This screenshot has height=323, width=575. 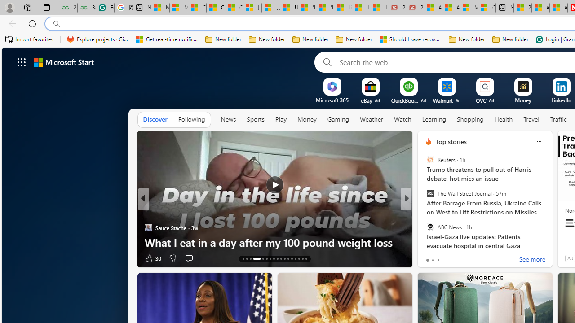 I want to click on 'AutomationID: tab-20', so click(x=273, y=259).